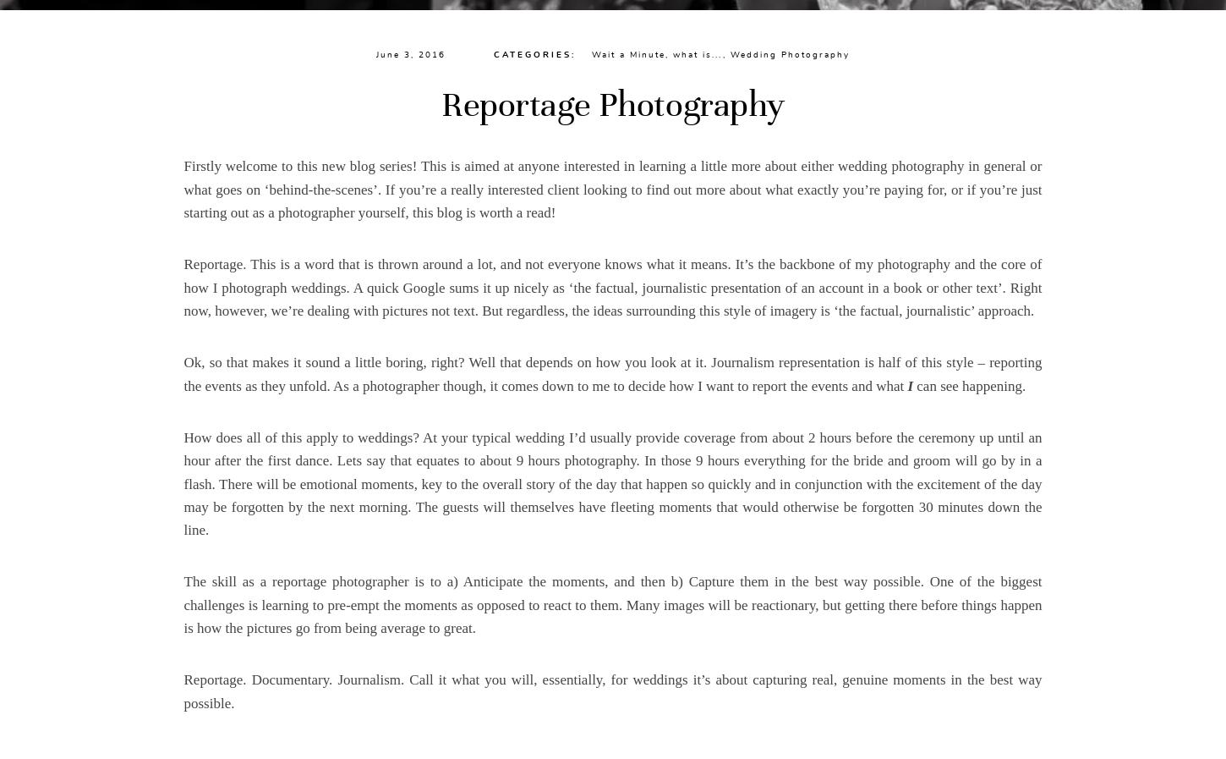 Image resolution: width=1226 pixels, height=759 pixels. What do you see at coordinates (611, 188) in the screenshot?
I see `'Firstly welcome to this new blog series! This is aimed at anyone interested in learning a little more about either wedding photography in general or what goes on ‘behind-the-scenes’. If you’re a really interested client looking to find out more about what exactly you’re paying for, or if you’re just starting out as a photographer yourself, this blog is worth a read!'` at bounding box center [611, 188].